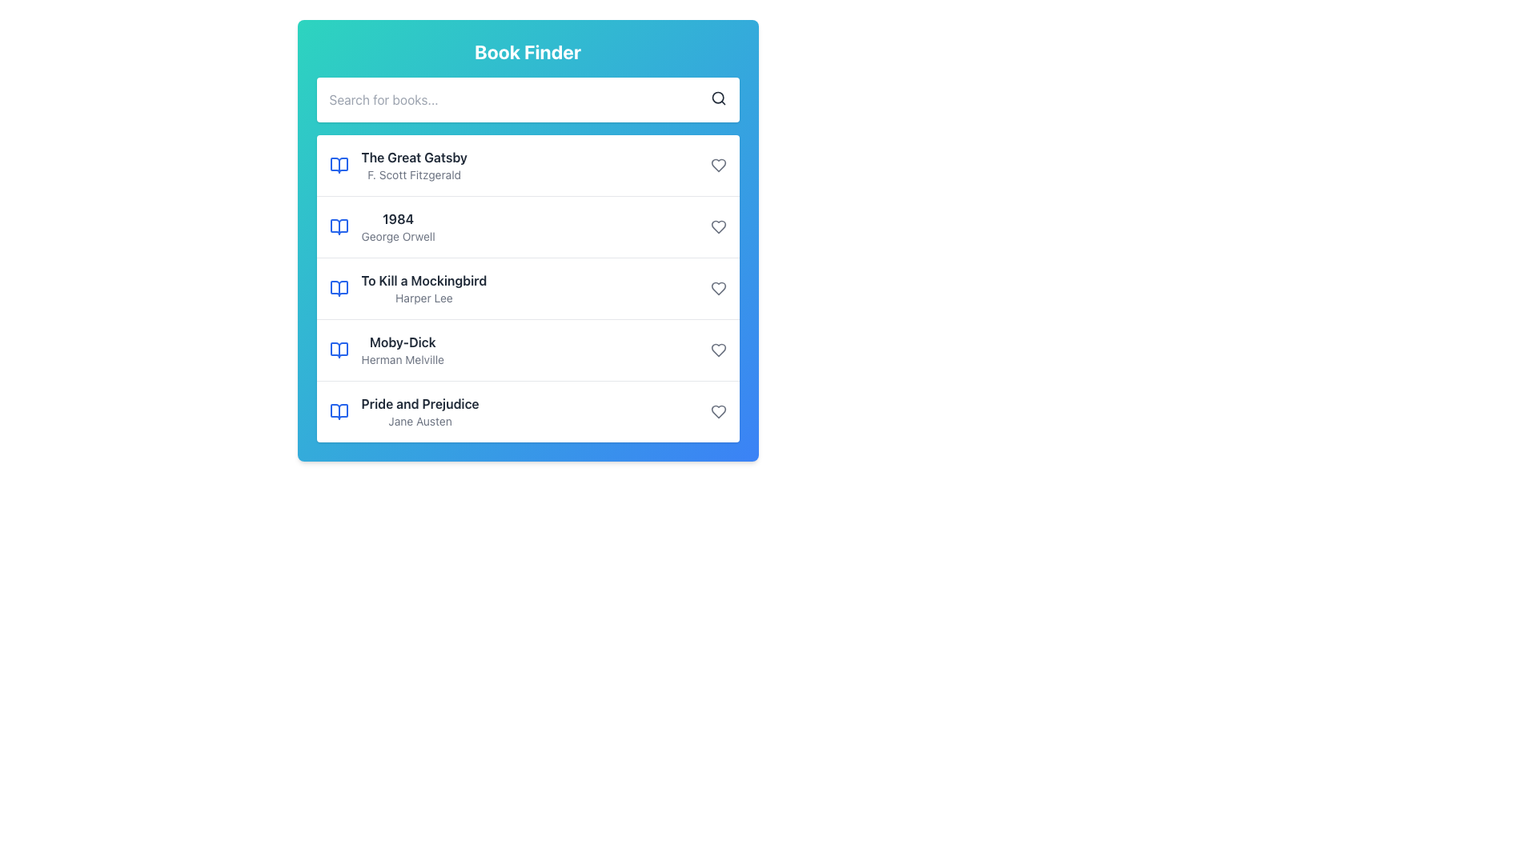  I want to click on the heart-shaped icon button representing the like feature for the book entry 'To Kill a Mockingbird', so click(717, 289).